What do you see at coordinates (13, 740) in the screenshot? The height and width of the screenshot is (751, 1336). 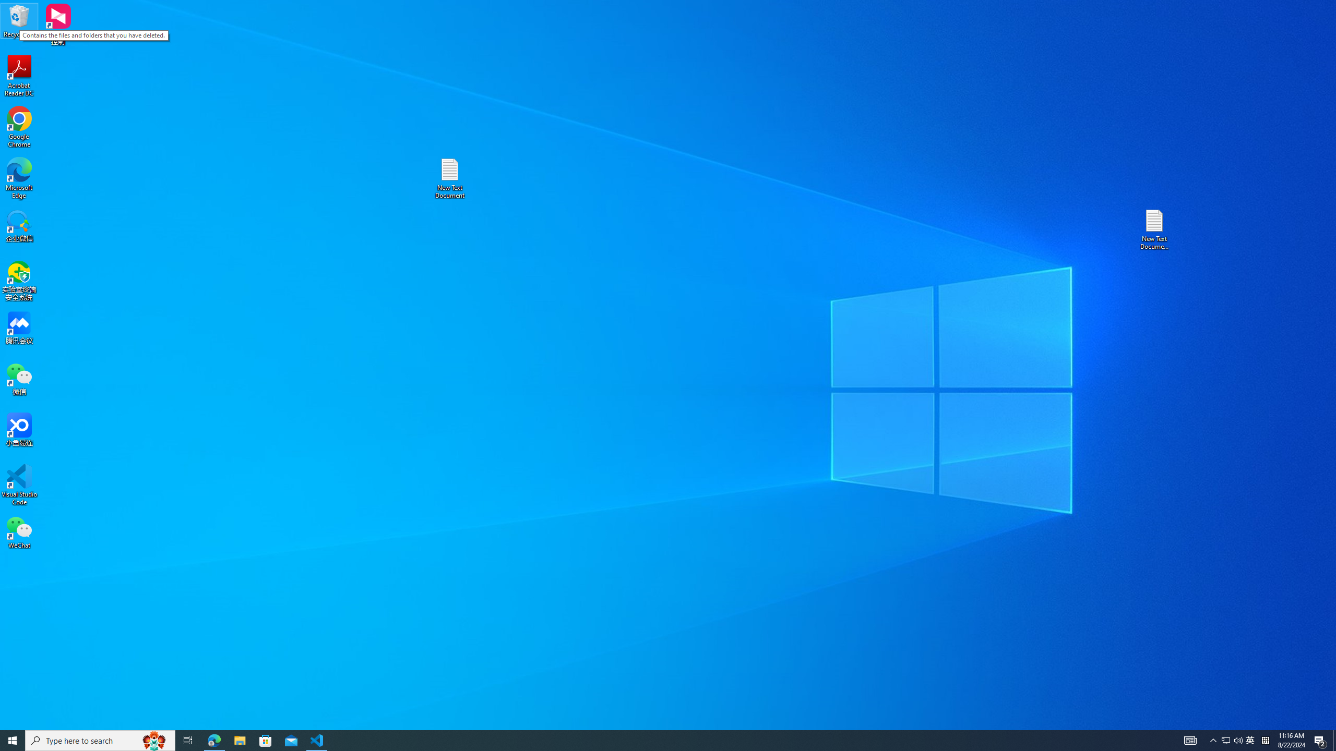 I see `'Start'` at bounding box center [13, 740].